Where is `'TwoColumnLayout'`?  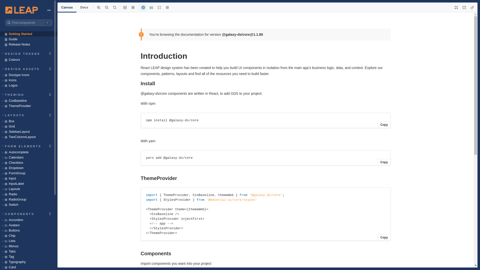
'TwoColumnLayout' is located at coordinates (28, 137).